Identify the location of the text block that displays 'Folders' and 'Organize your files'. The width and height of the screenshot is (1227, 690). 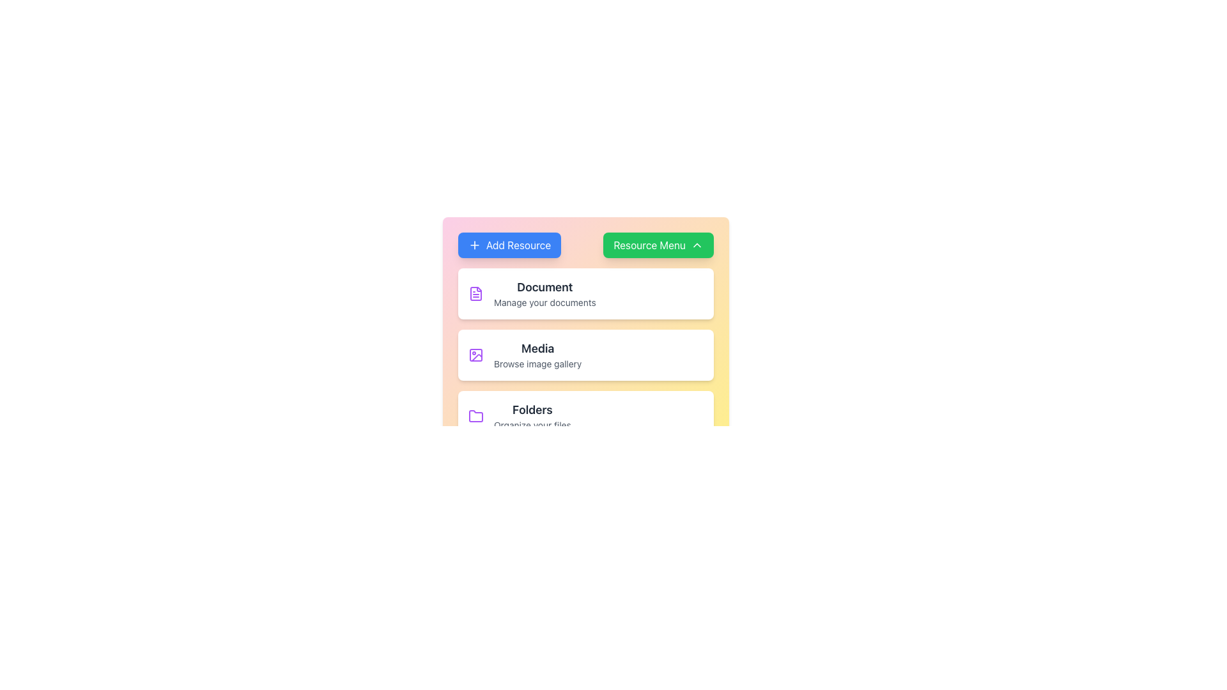
(532, 416).